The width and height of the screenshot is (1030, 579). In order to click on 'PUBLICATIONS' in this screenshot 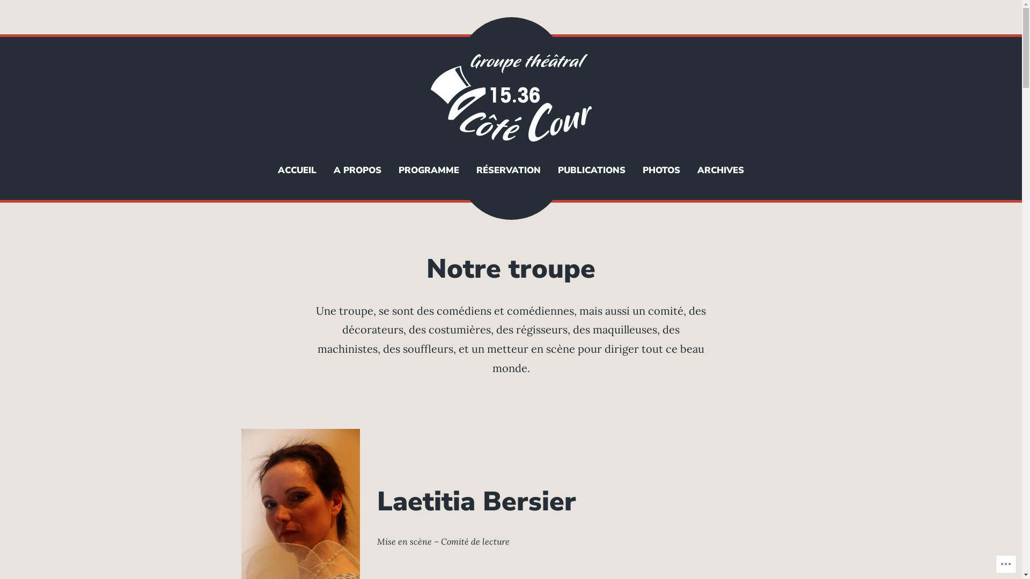, I will do `click(591, 170)`.